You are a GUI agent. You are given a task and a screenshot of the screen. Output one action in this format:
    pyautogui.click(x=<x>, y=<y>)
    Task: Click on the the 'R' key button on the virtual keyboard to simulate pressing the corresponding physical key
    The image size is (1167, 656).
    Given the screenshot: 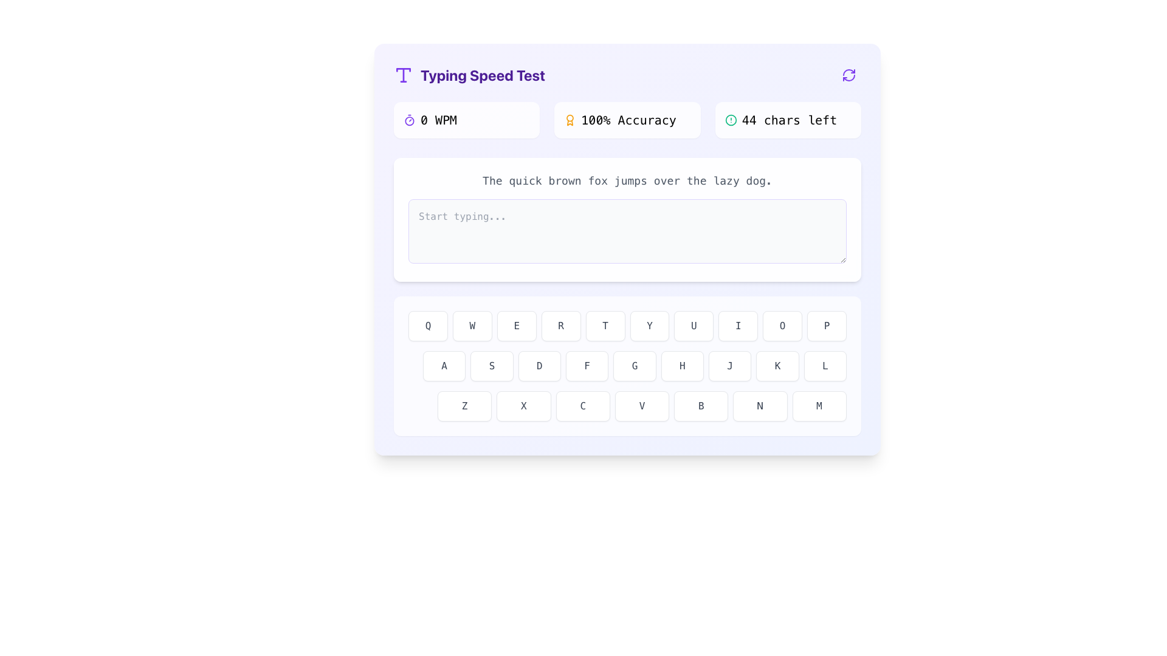 What is the action you would take?
    pyautogui.click(x=560, y=325)
    